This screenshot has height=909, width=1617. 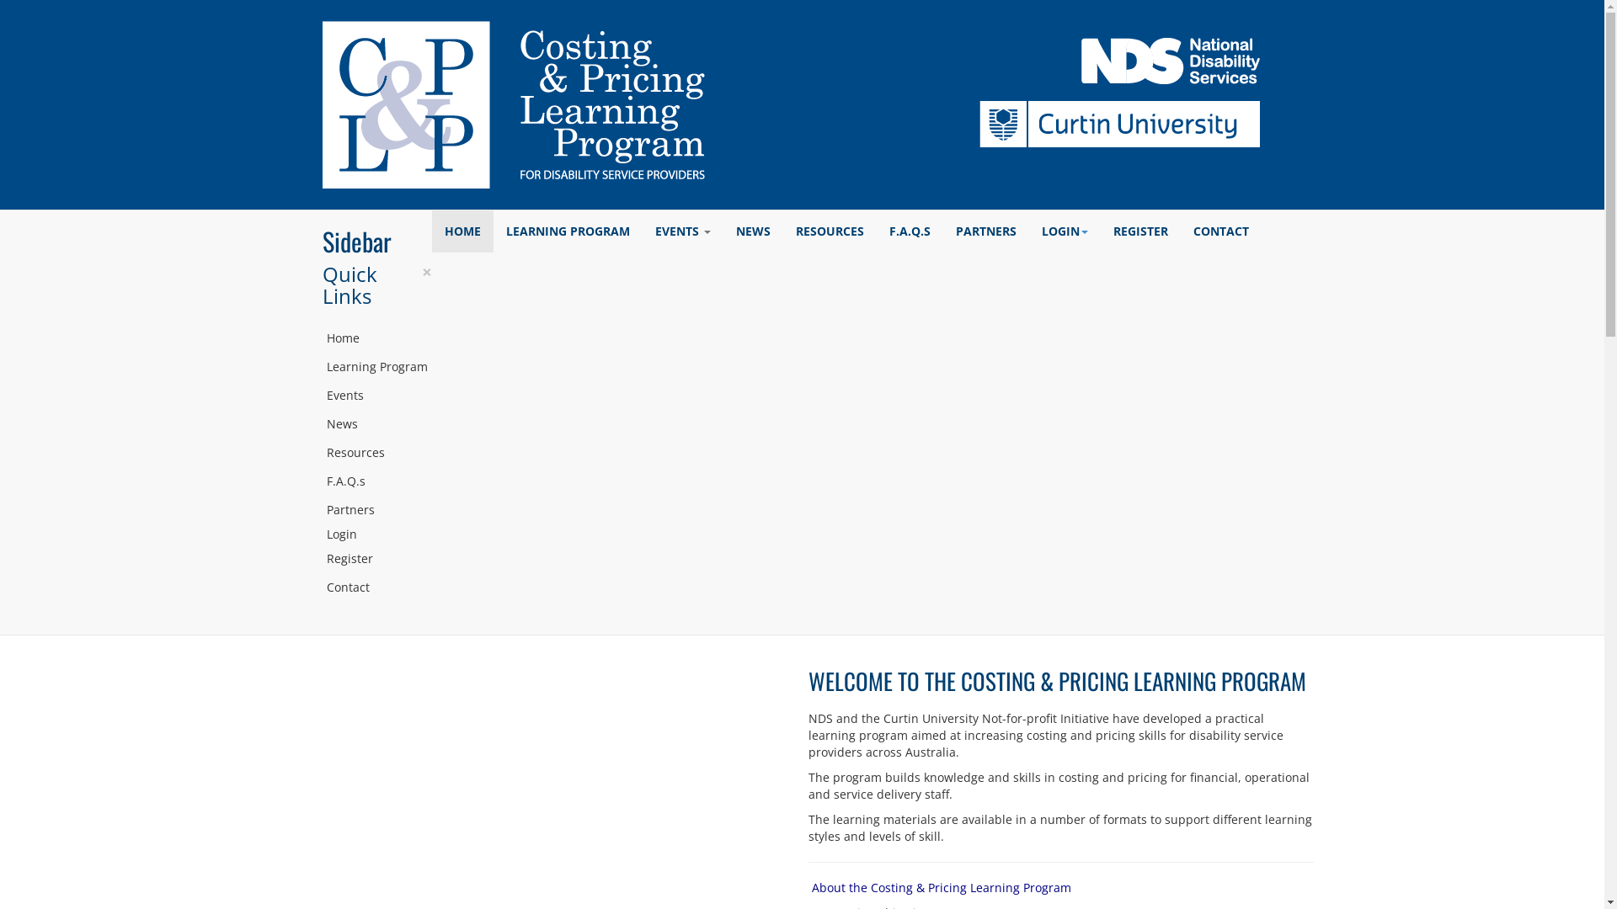 What do you see at coordinates (375, 587) in the screenshot?
I see `'Contact'` at bounding box center [375, 587].